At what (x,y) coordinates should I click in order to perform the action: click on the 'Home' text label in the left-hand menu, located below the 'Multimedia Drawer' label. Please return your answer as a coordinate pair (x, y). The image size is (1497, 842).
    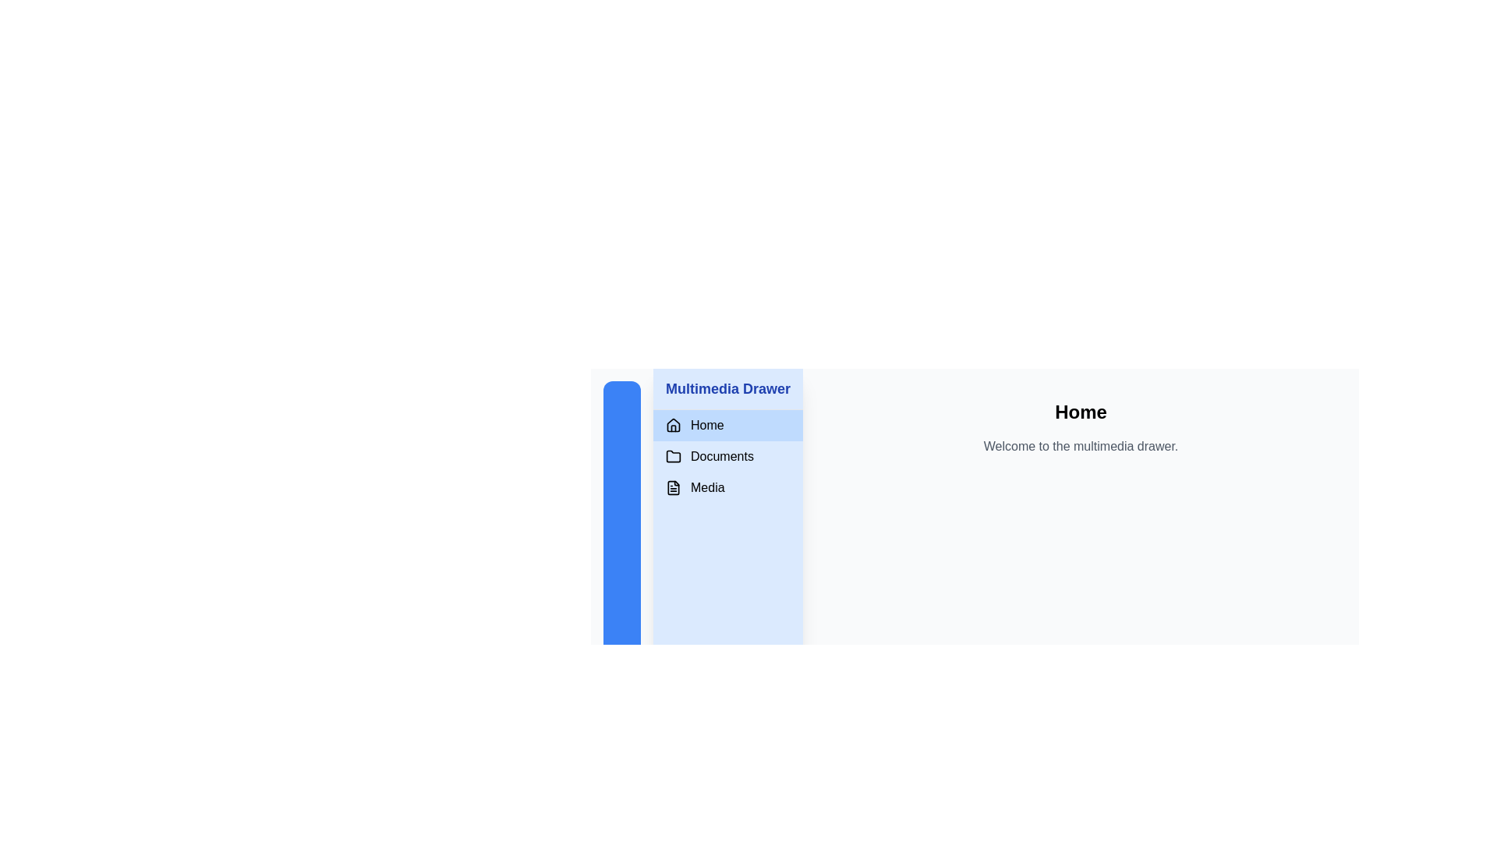
    Looking at the image, I should click on (706, 426).